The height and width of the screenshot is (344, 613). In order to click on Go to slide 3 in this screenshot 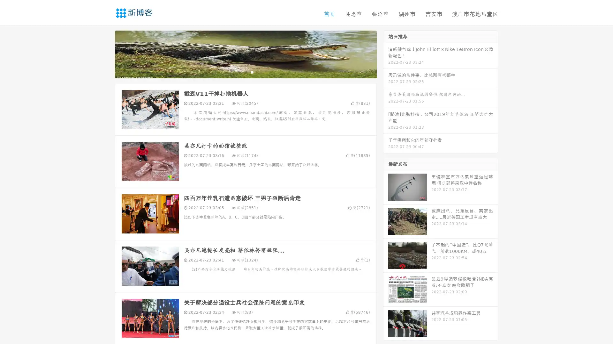, I will do `click(252, 72)`.